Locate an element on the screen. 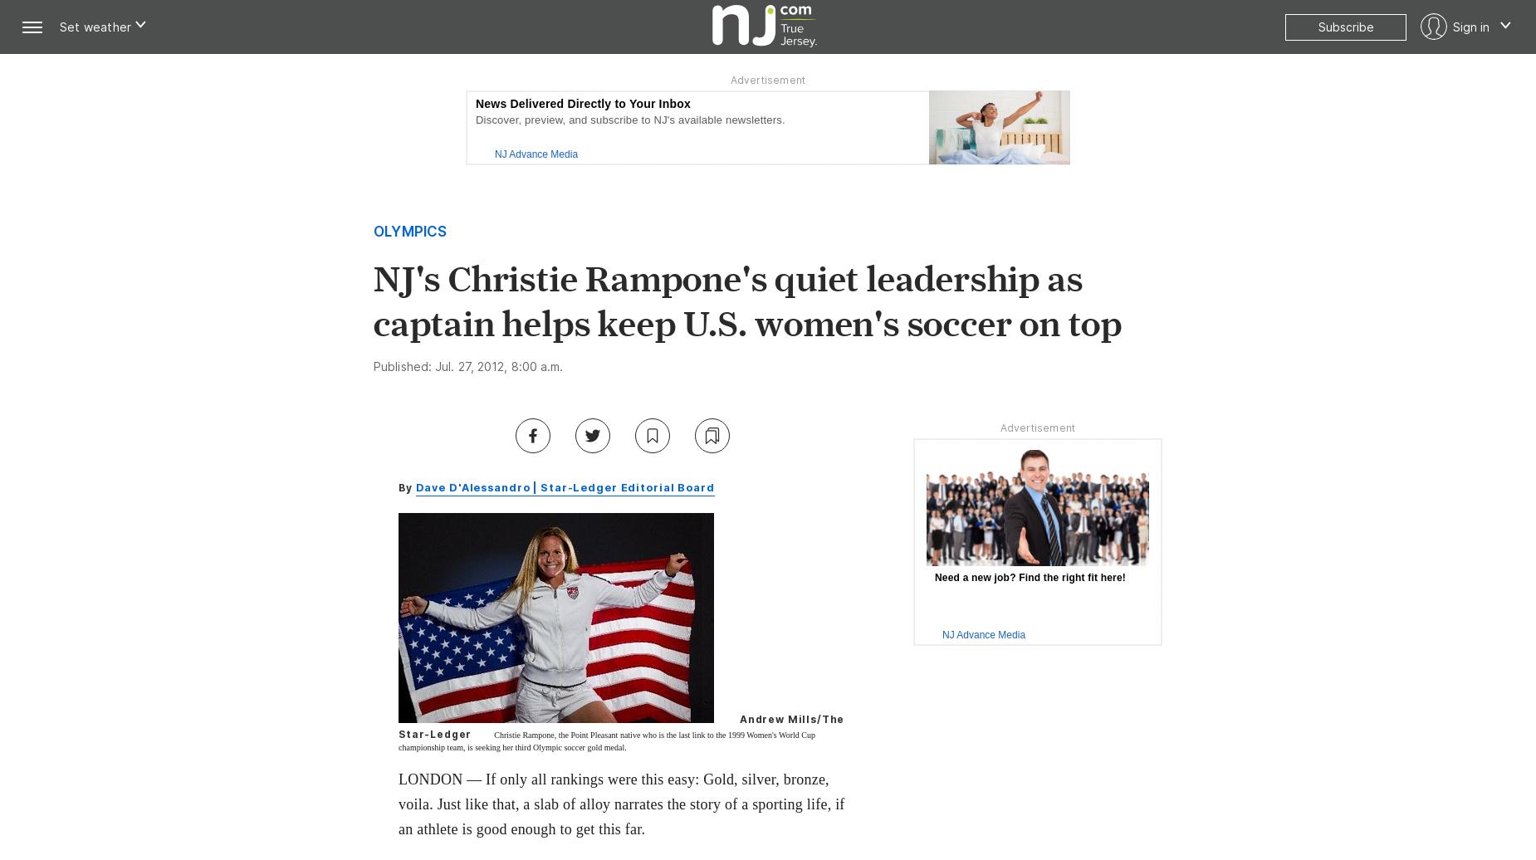 Image resolution: width=1536 pixels, height=860 pixels. 'NJ's Christie Rampone's quiet leadership as captain helps keep U.S. women's soccer on top' is located at coordinates (747, 300).